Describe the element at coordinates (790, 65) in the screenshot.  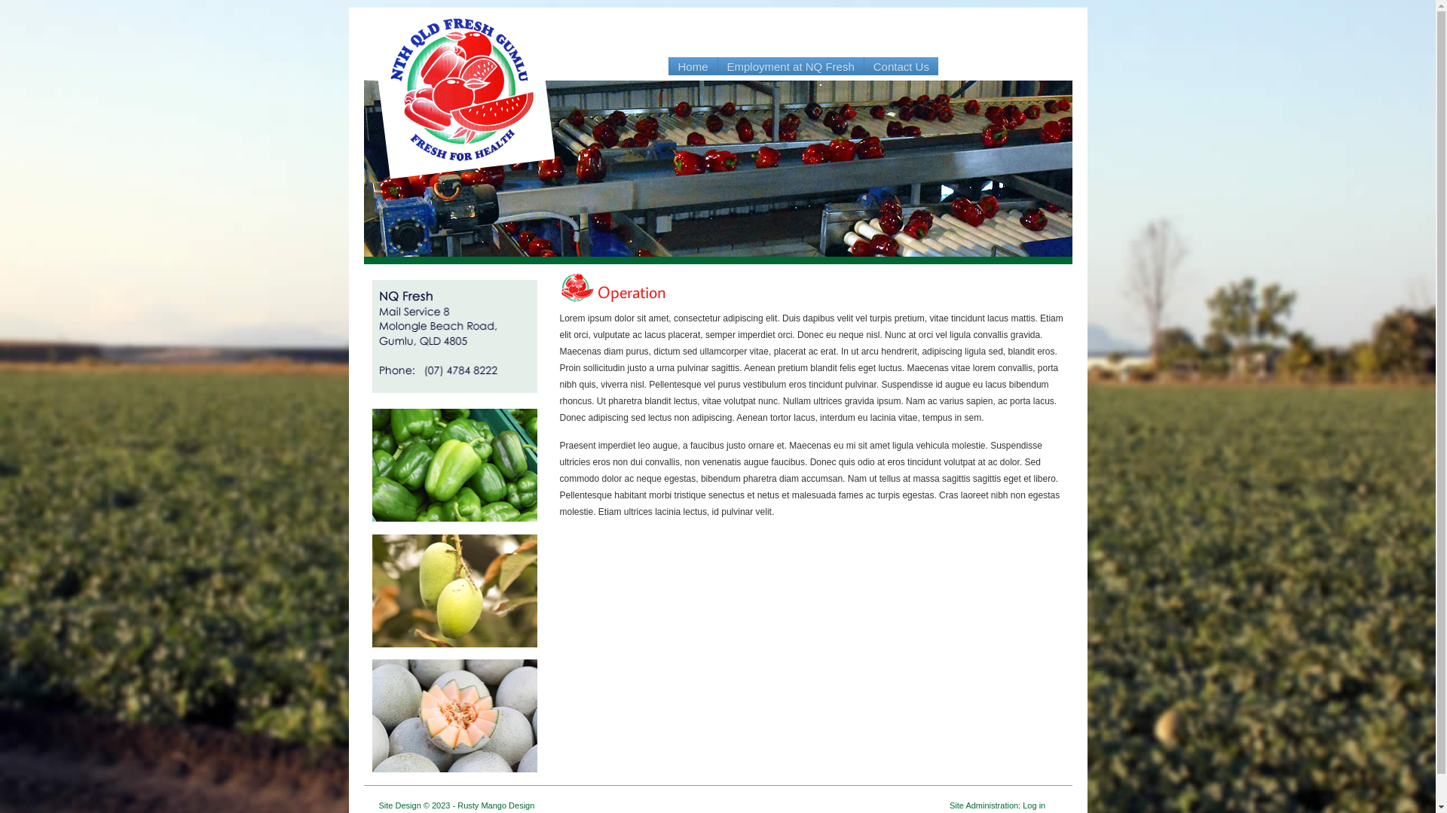
I see `'Employment at NQ Fresh'` at that location.